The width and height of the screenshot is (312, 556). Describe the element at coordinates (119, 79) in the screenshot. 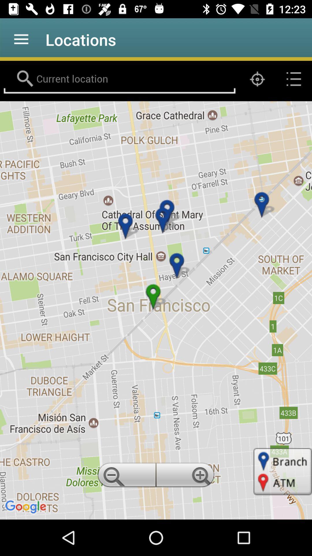

I see `search location` at that location.